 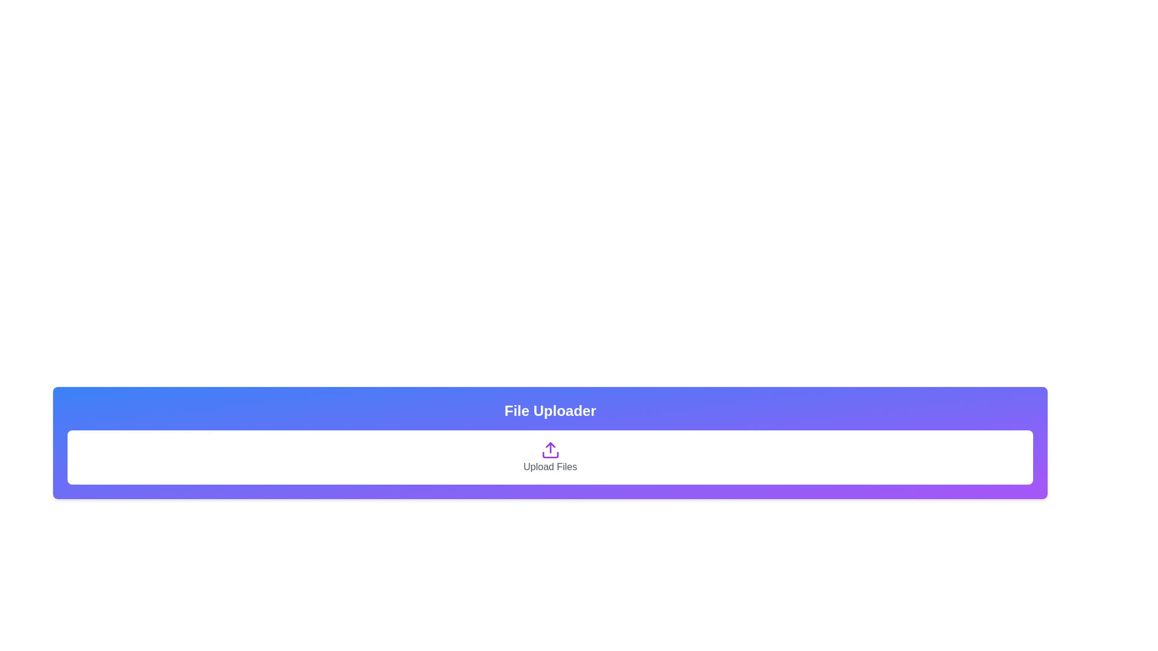 I want to click on the upload icon located above the 'Upload Files' text, which visually indicates the file upload functionality, so click(x=549, y=450).